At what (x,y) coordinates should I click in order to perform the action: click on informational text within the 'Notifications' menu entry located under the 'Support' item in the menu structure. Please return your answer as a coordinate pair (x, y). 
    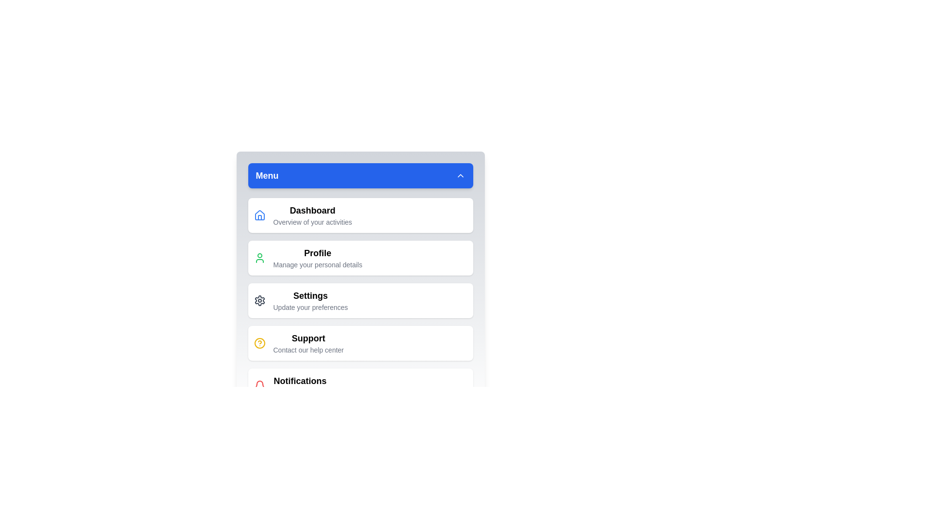
    Looking at the image, I should click on (300, 385).